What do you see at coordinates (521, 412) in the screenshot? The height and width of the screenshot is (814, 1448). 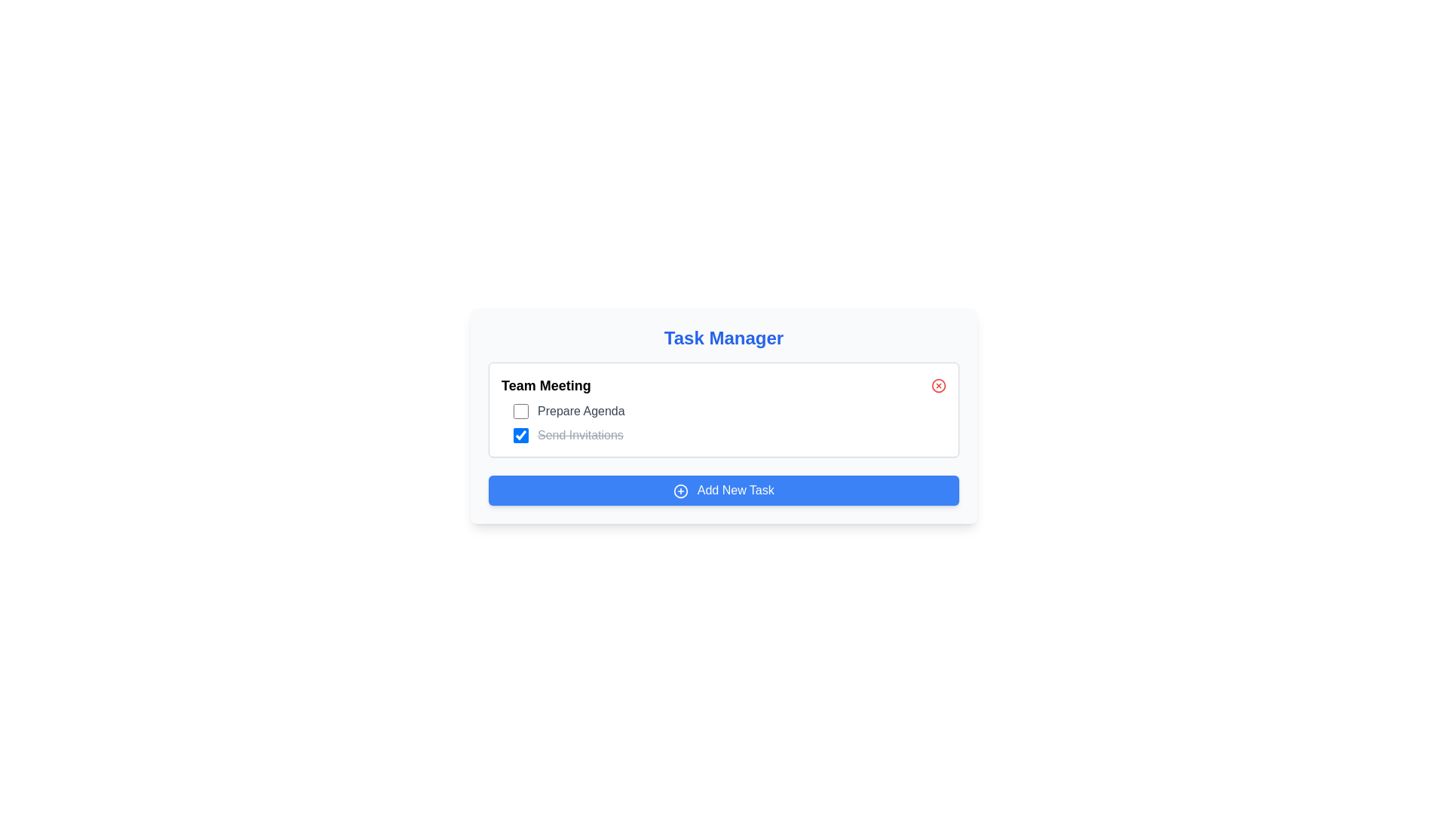 I see `the checkbox used to toggle the completion status of the task 'Prepare Agenda' located in the 'Team Meeting' section` at bounding box center [521, 412].